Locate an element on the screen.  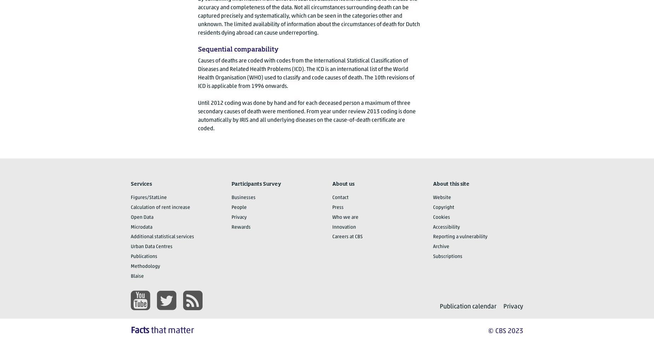
'About this site' is located at coordinates (433, 184).